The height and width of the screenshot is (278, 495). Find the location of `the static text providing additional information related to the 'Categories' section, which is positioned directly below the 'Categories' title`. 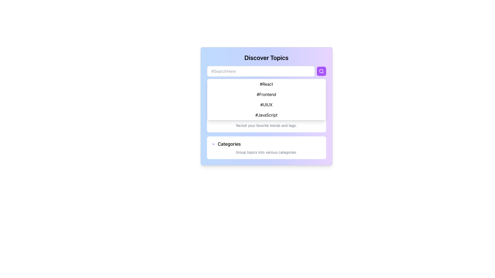

the static text providing additional information related to the 'Categories' section, which is positioned directly below the 'Categories' title is located at coordinates (266, 152).